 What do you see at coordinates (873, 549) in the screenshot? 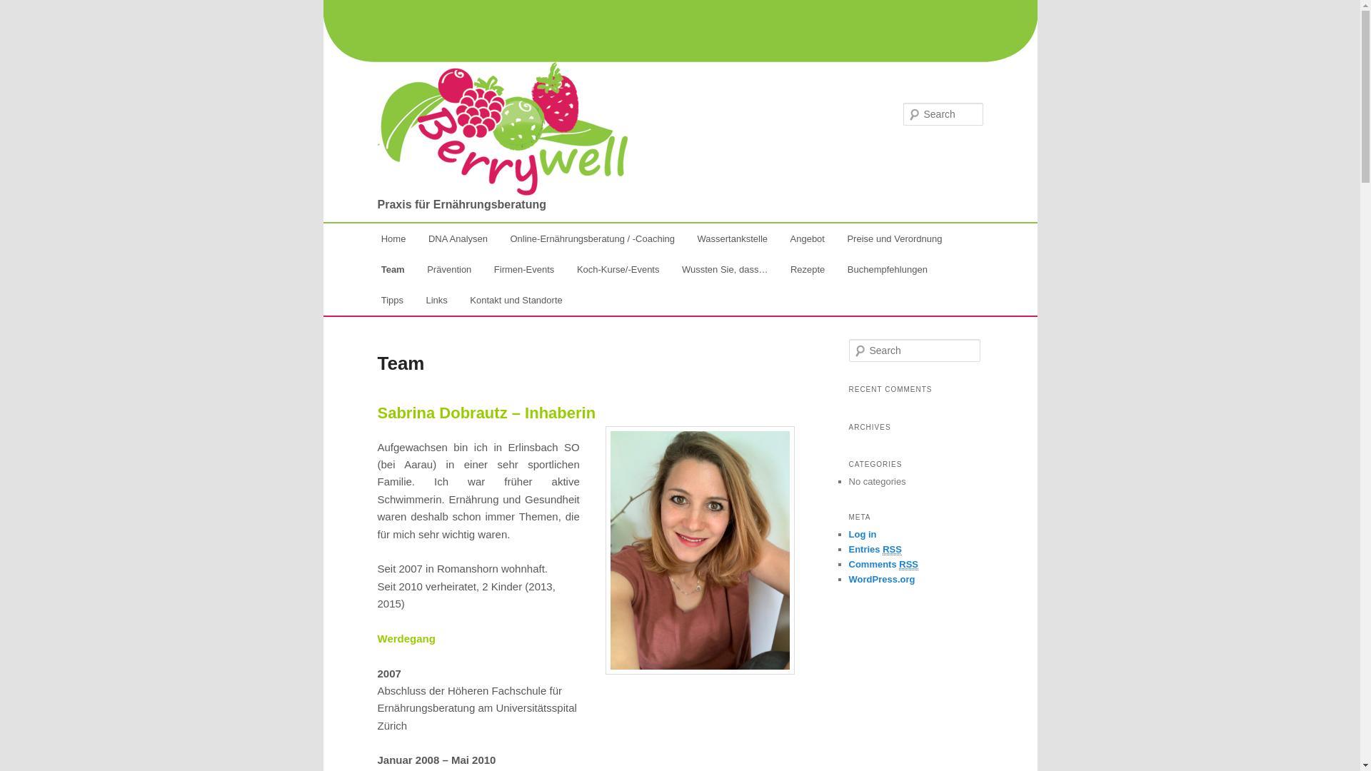
I see `'Entries RSS'` at bounding box center [873, 549].